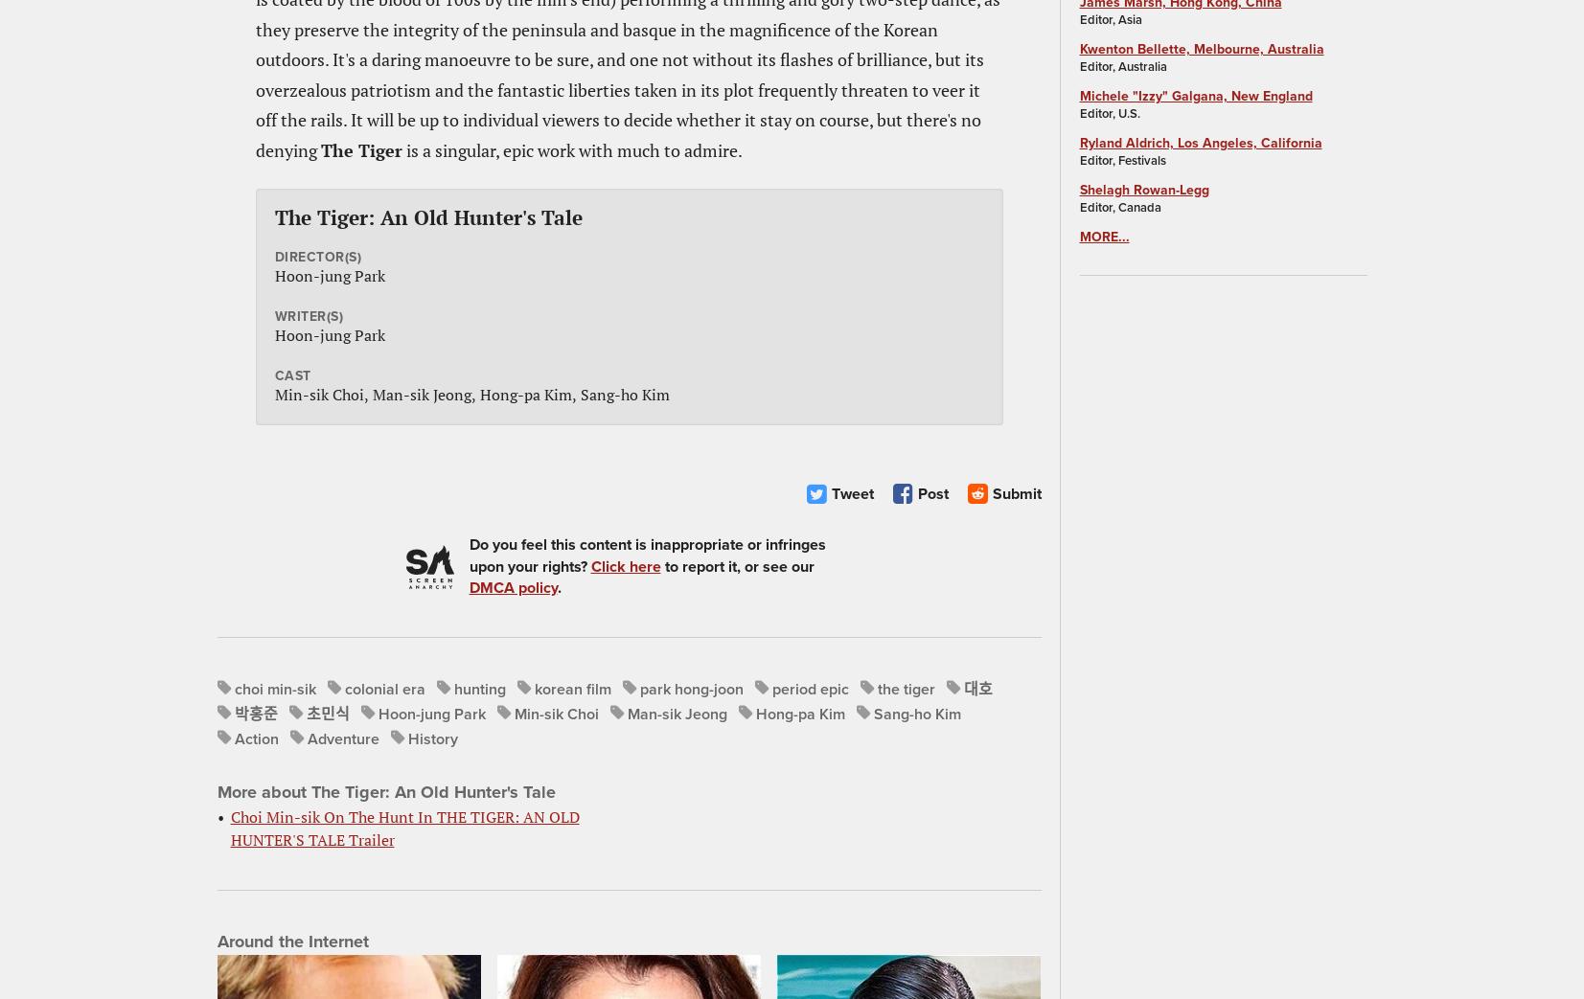 The width and height of the screenshot is (1584, 999). I want to click on 'Do you feel this content is inappropriate or infringes upon your rights?', so click(645, 556).